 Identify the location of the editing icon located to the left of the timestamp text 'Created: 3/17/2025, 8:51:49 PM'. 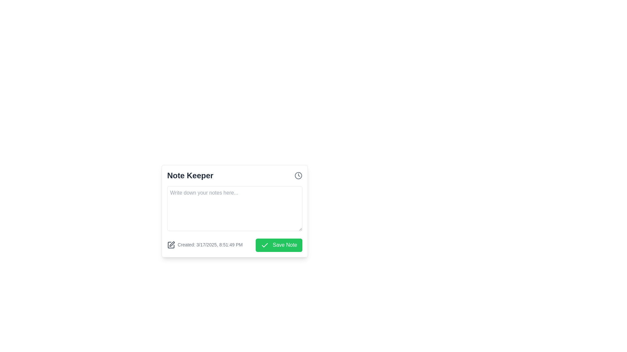
(171, 245).